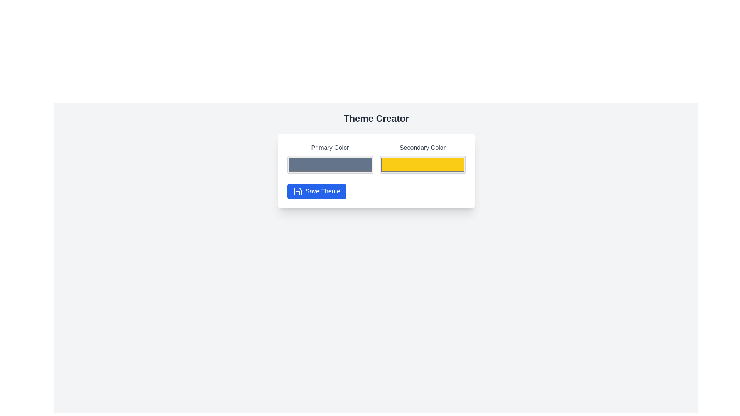 The height and width of the screenshot is (416, 740). What do you see at coordinates (422, 158) in the screenshot?
I see `the Color picker element located` at bounding box center [422, 158].